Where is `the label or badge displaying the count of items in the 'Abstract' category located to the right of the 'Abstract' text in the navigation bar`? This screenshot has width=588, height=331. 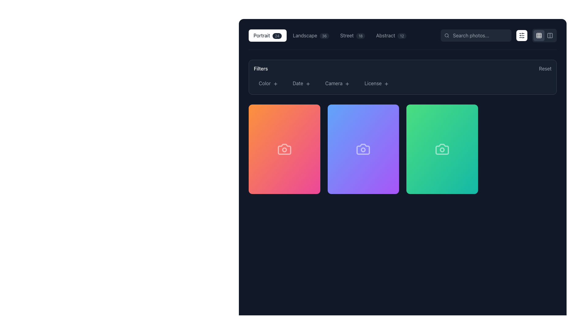
the label or badge displaying the count of items in the 'Abstract' category located to the right of the 'Abstract' text in the navigation bar is located at coordinates (402, 36).